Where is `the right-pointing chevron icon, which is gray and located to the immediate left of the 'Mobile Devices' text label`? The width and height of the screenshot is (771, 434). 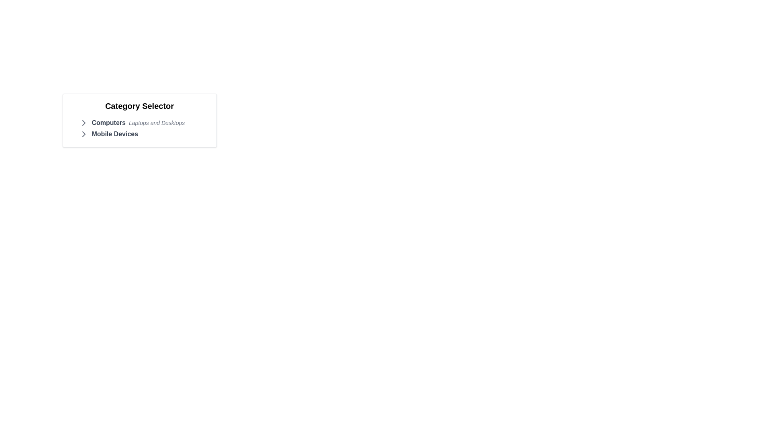
the right-pointing chevron icon, which is gray and located to the immediate left of the 'Mobile Devices' text label is located at coordinates (84, 134).